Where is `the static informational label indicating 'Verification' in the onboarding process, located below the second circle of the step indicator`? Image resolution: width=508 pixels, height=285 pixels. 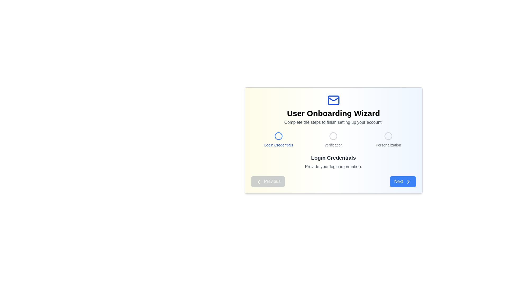
the static informational label indicating 'Verification' in the onboarding process, located below the second circle of the step indicator is located at coordinates (333, 145).